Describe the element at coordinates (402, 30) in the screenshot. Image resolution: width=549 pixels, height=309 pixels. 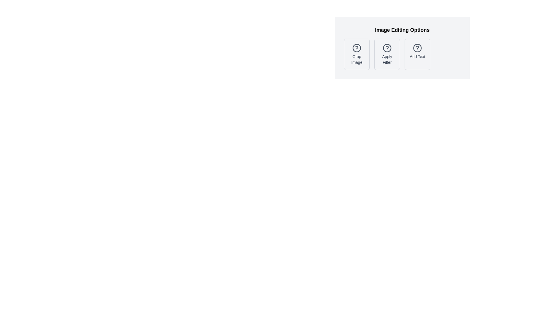
I see `text label that serves as a heading for the options below it, positioned centrally at the top of the group of options` at that location.